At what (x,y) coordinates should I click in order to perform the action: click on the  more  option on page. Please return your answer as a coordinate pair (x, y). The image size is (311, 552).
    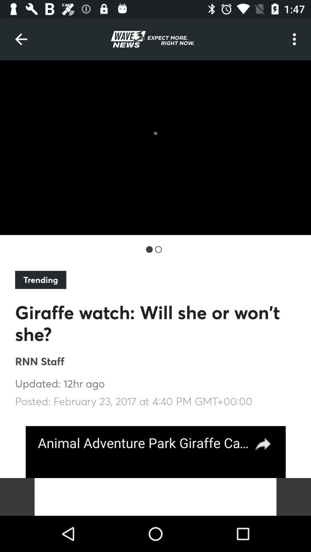
    Looking at the image, I should click on (296, 39).